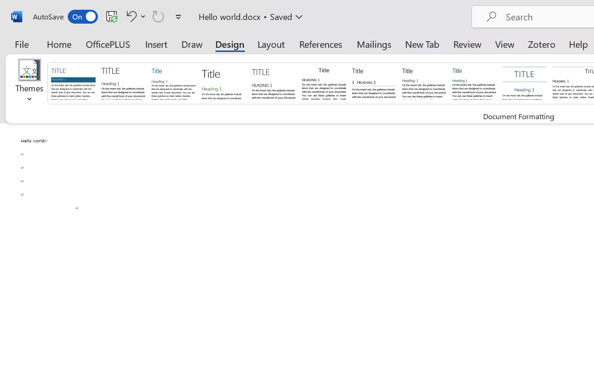 The height and width of the screenshot is (371, 594). What do you see at coordinates (524, 82) in the screenshot?
I see `'Centered'` at bounding box center [524, 82].